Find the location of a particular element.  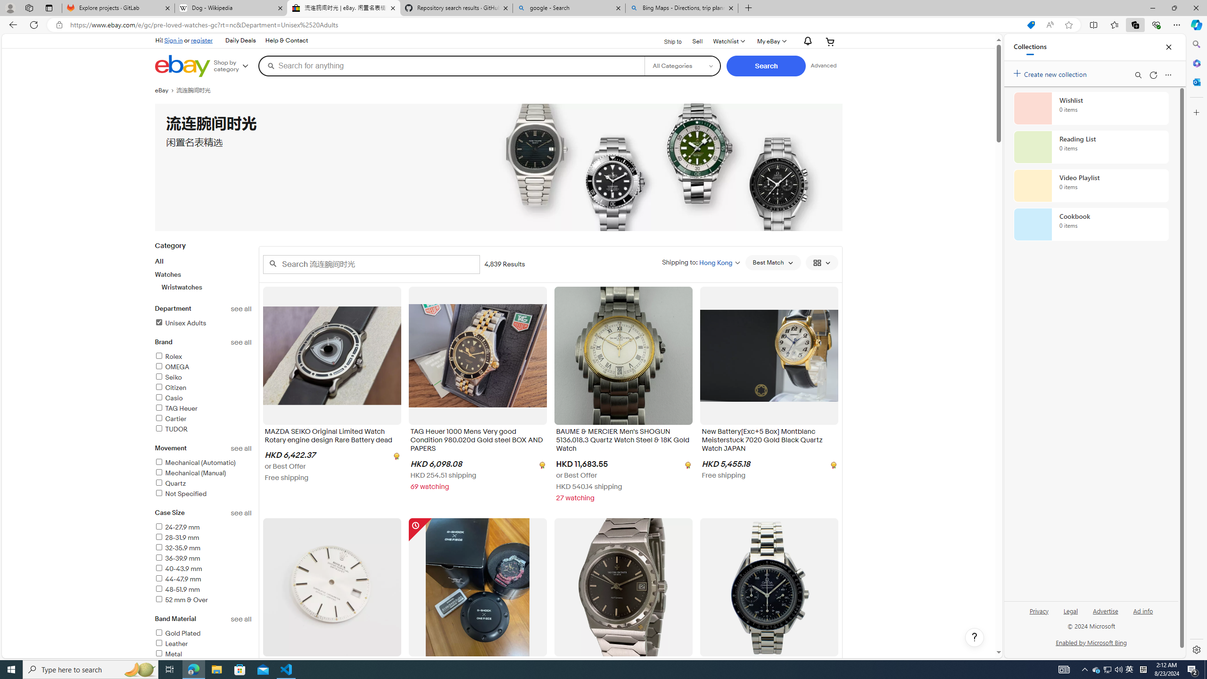

'Unisex Adults Filter Applied' is located at coordinates (180, 323).